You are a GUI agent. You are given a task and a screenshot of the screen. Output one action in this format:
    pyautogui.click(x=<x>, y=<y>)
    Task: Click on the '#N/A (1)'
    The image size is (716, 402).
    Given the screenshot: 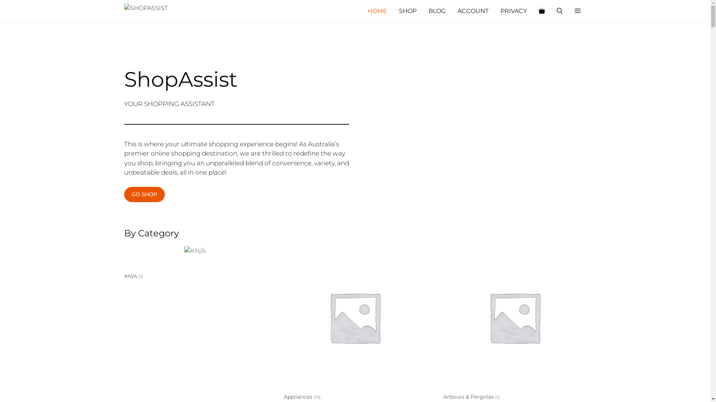 What is the action you would take?
    pyautogui.click(x=195, y=264)
    